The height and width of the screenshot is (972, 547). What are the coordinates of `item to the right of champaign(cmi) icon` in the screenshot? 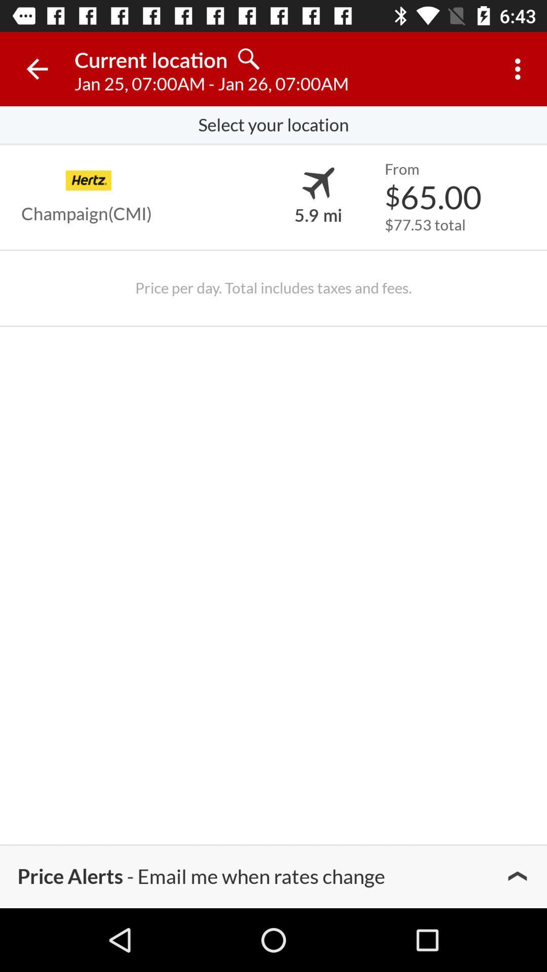 It's located at (318, 214).